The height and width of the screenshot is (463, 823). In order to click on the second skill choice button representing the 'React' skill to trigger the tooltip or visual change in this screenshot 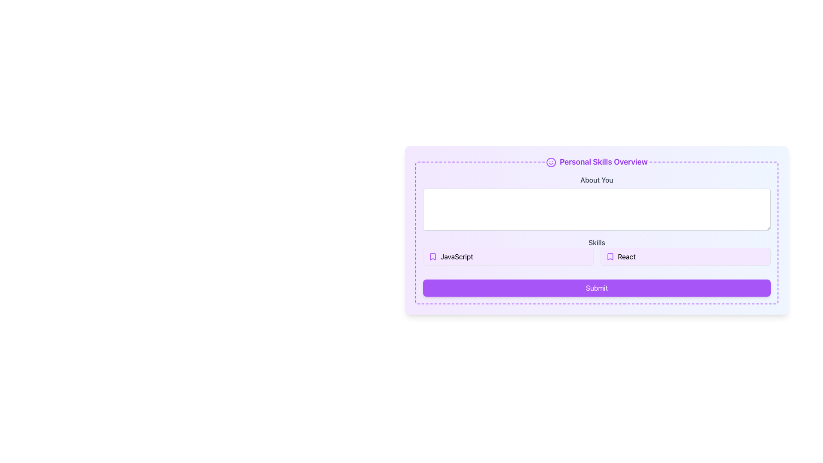, I will do `click(685, 256)`.